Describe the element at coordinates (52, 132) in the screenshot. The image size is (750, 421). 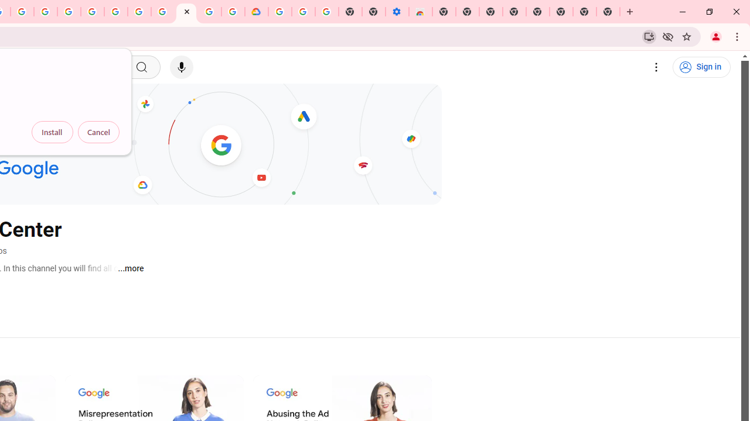
I see `'Install'` at that location.